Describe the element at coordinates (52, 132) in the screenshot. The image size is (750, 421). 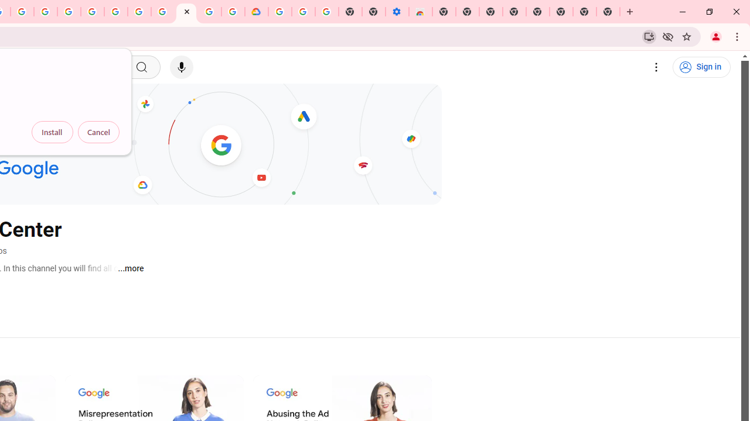
I see `'Install'` at that location.